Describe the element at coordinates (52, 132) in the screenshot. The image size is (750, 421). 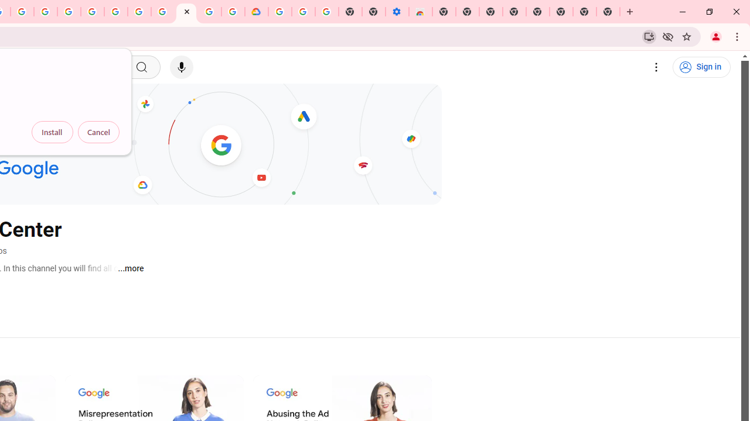
I see `'Install'` at that location.